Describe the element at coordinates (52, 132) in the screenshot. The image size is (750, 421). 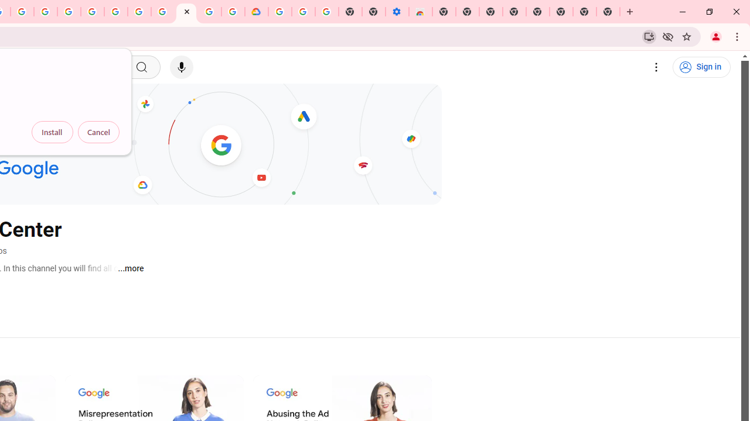
I see `'Install'` at that location.